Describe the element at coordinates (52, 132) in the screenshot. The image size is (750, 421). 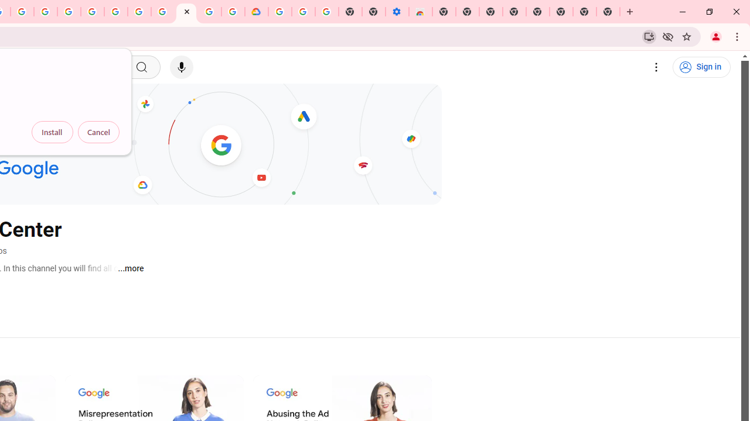
I see `'Install'` at that location.